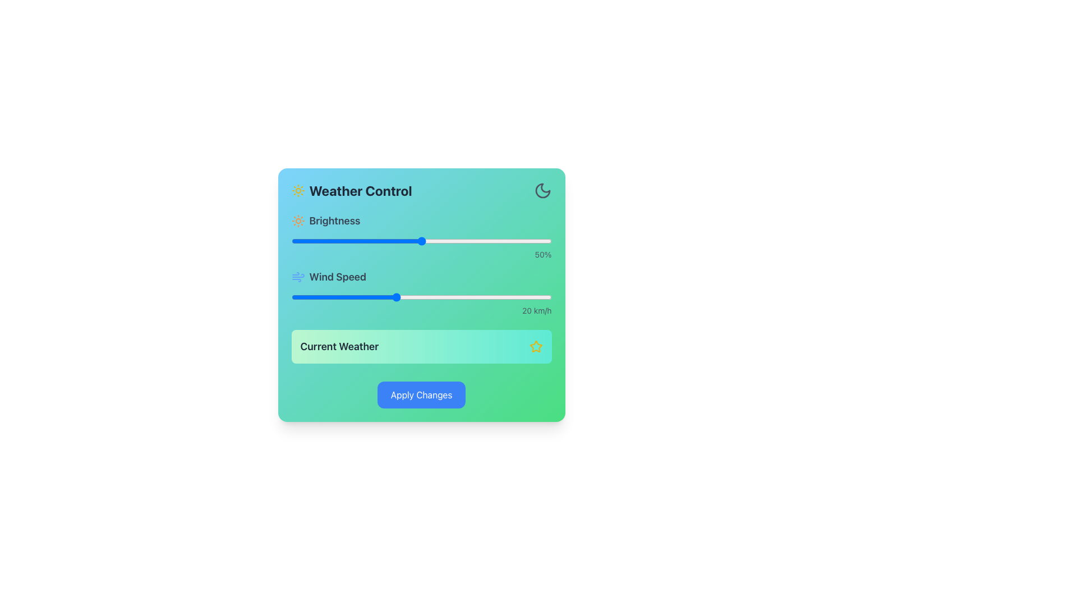 This screenshot has width=1077, height=606. What do you see at coordinates (312, 240) in the screenshot?
I see `brightness` at bounding box center [312, 240].